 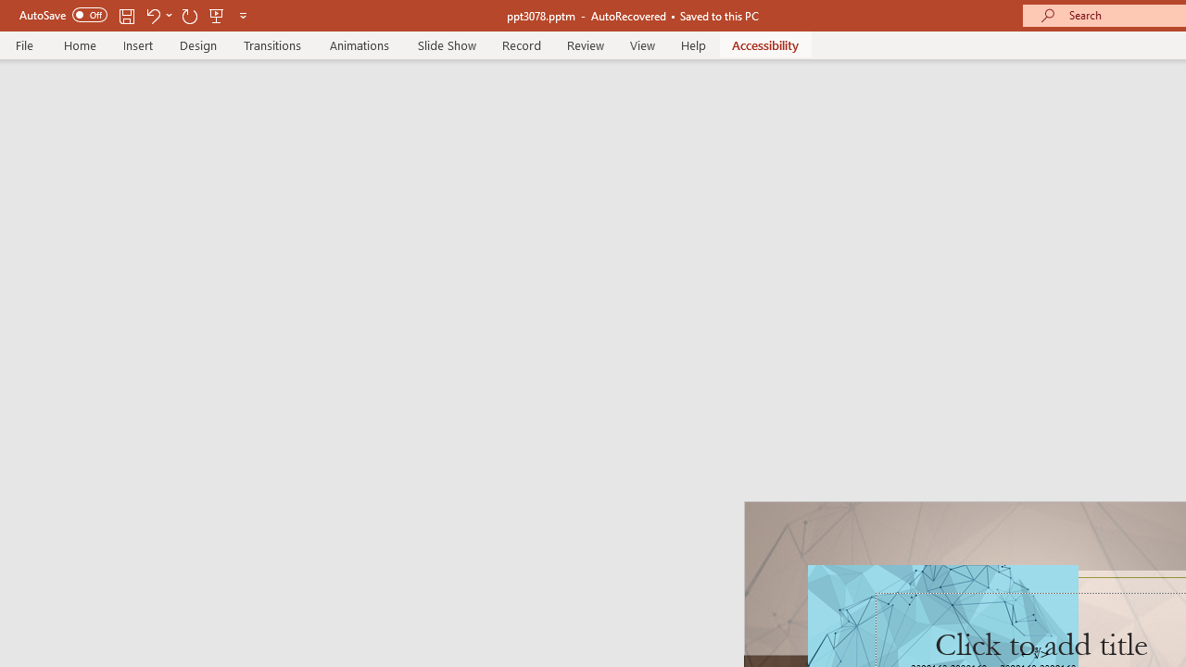 I want to click on 'Transitions', so click(x=272, y=44).